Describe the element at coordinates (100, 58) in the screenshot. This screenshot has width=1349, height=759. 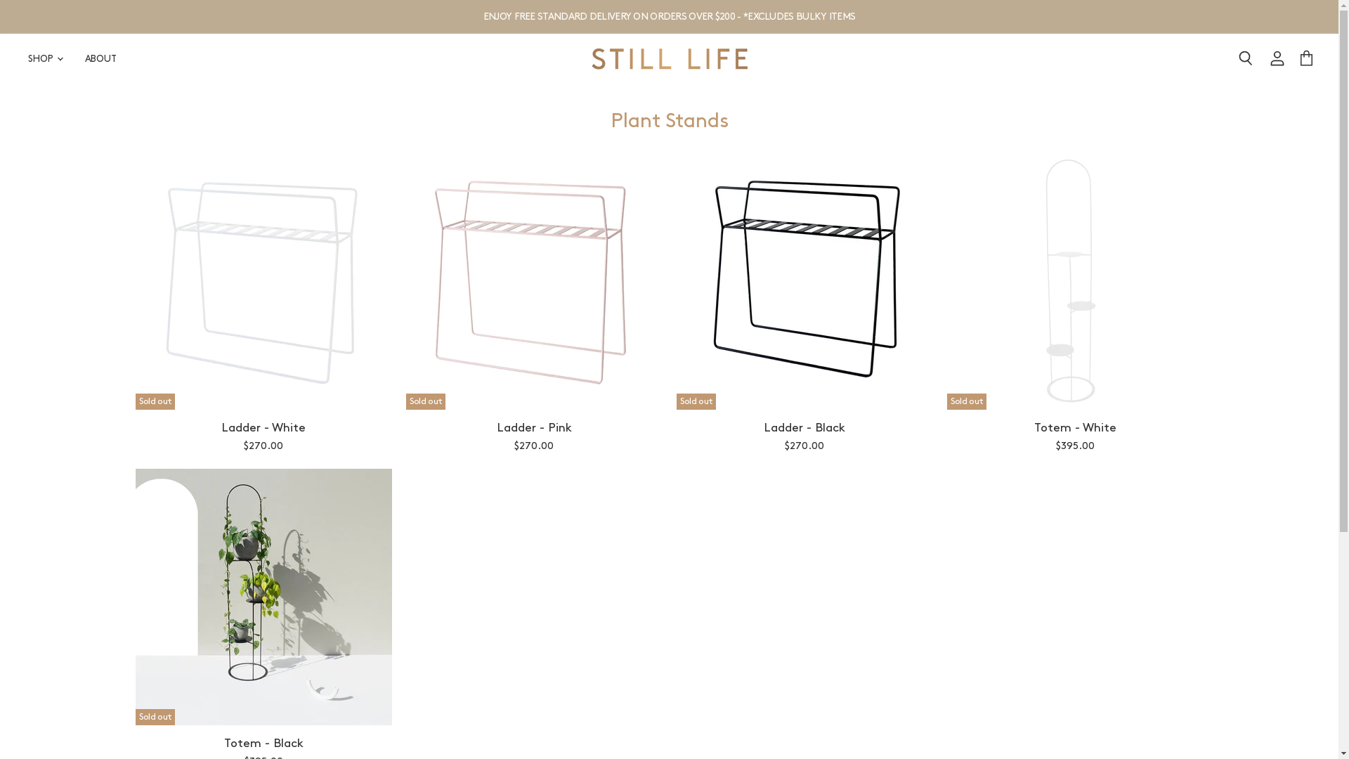
I see `'ABOUT'` at that location.